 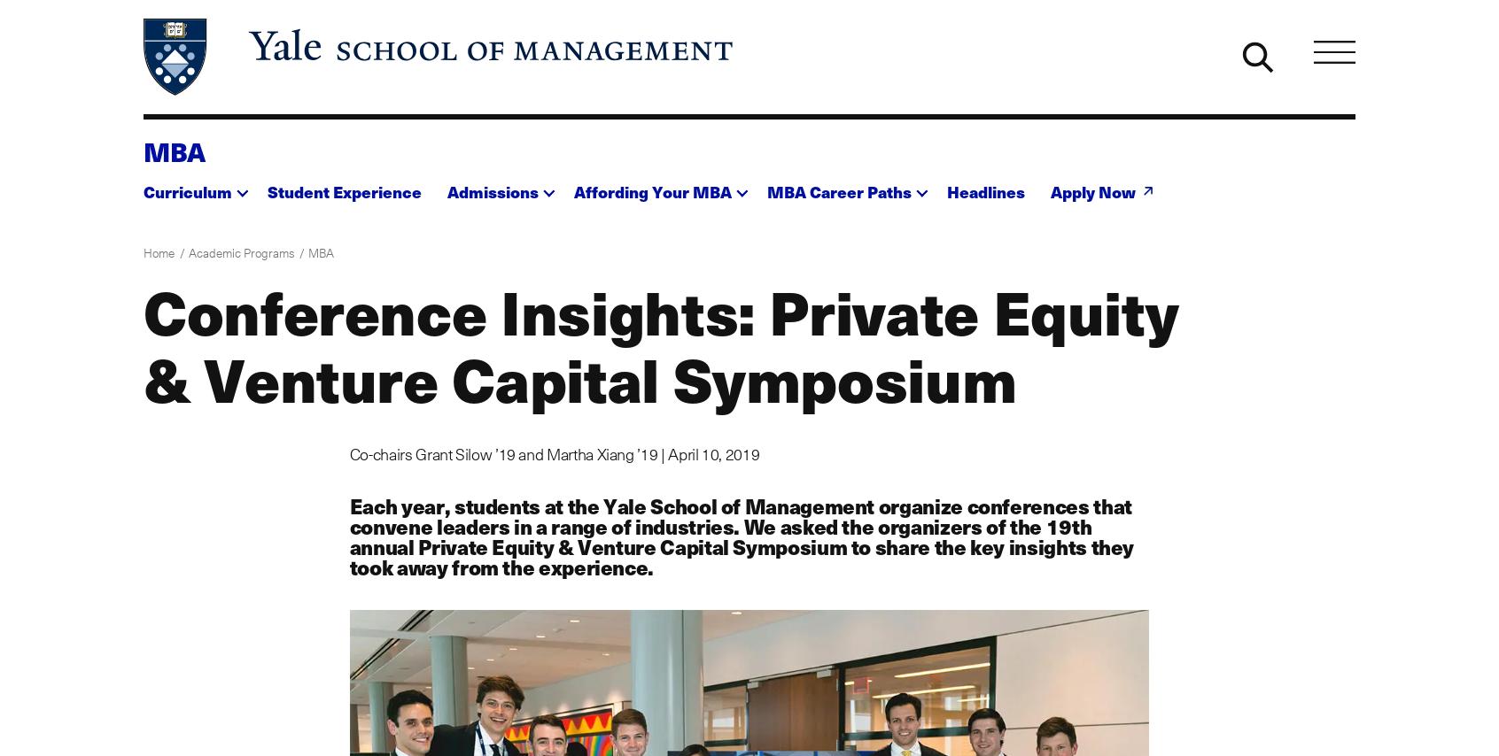 What do you see at coordinates (835, 336) in the screenshot?
I see `'Employment Report 2022-23'` at bounding box center [835, 336].